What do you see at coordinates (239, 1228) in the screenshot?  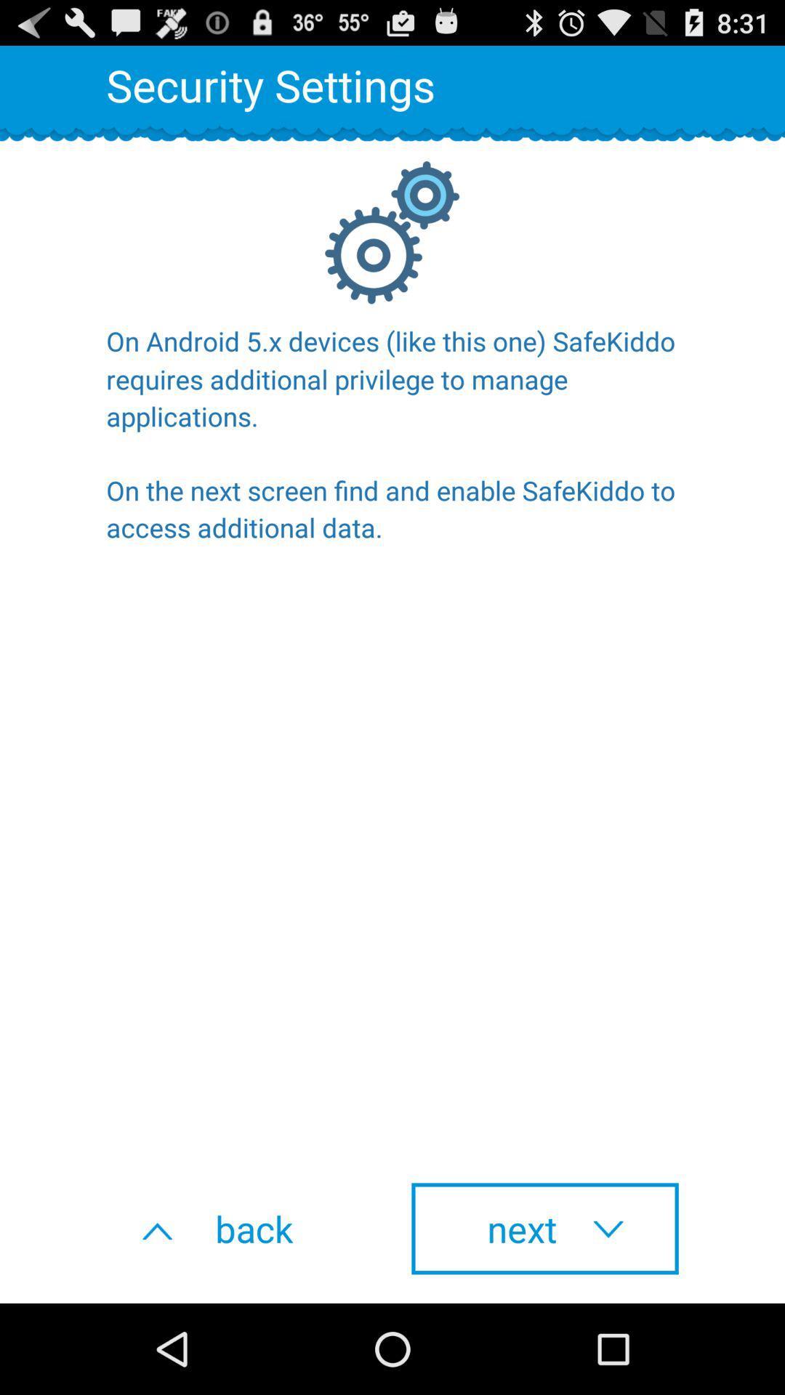 I see `the icon to the left of next` at bounding box center [239, 1228].